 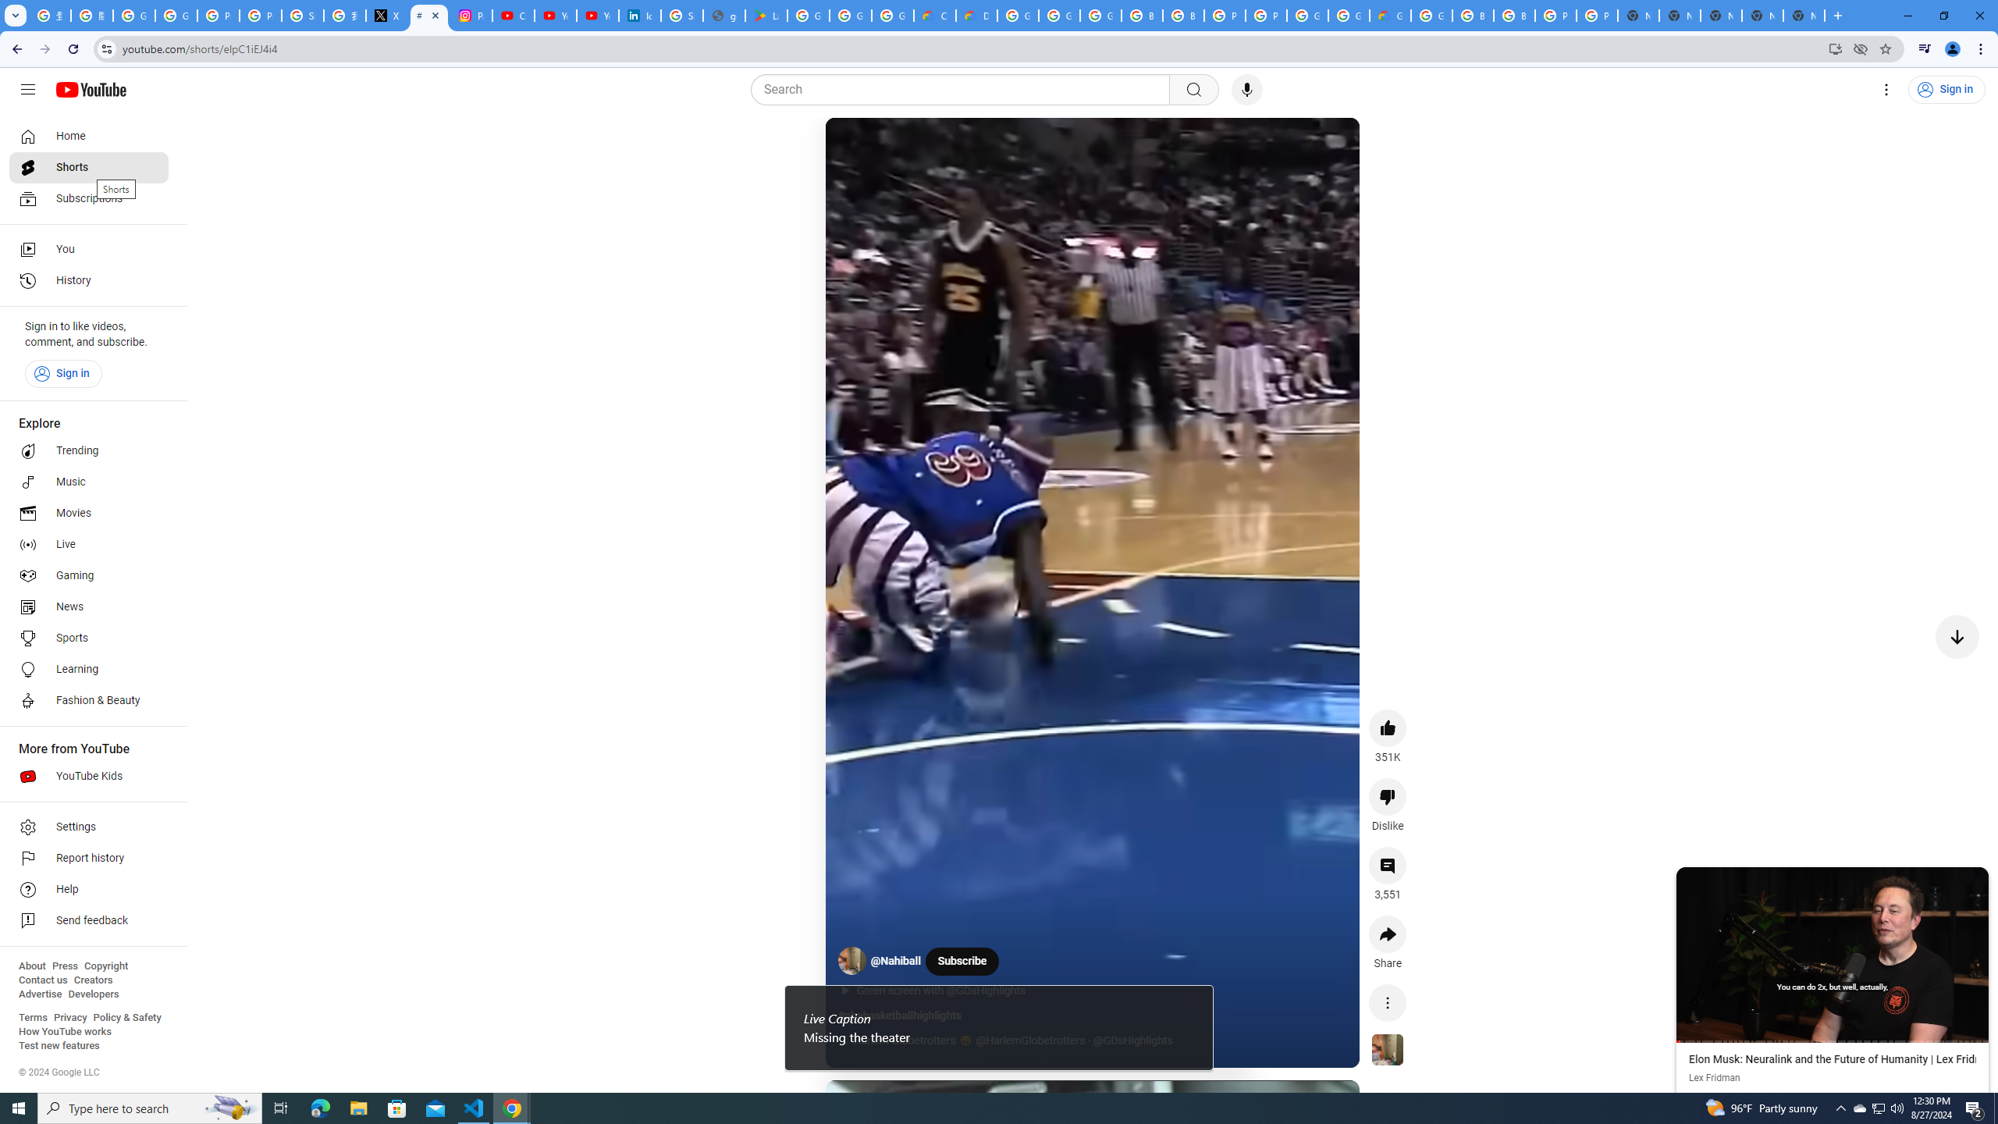 What do you see at coordinates (766, 15) in the screenshot?
I see `'Last Shelter: Survival - Apps on Google Play'` at bounding box center [766, 15].